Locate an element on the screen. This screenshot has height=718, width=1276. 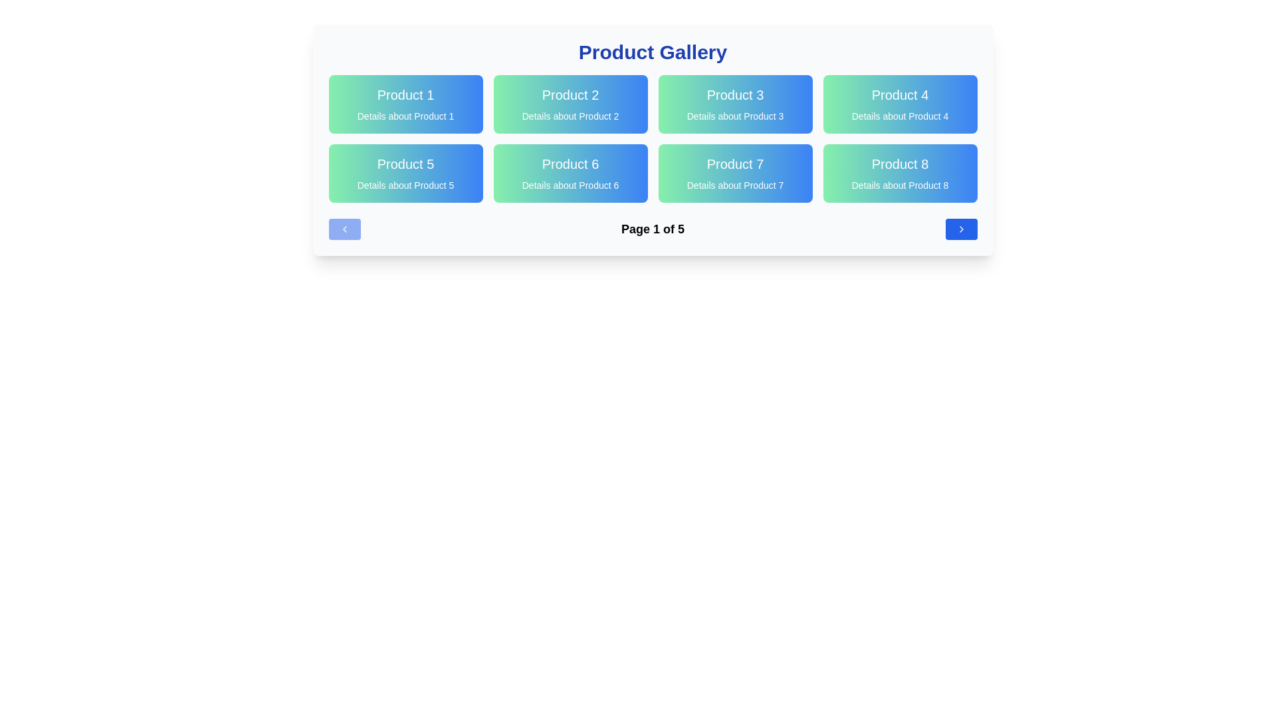
the text label displaying 'Product 7' which is located in the second row of the product grid, specifically the third card from the left, with a gradient background transitioning from green to blue is located at coordinates (734, 163).